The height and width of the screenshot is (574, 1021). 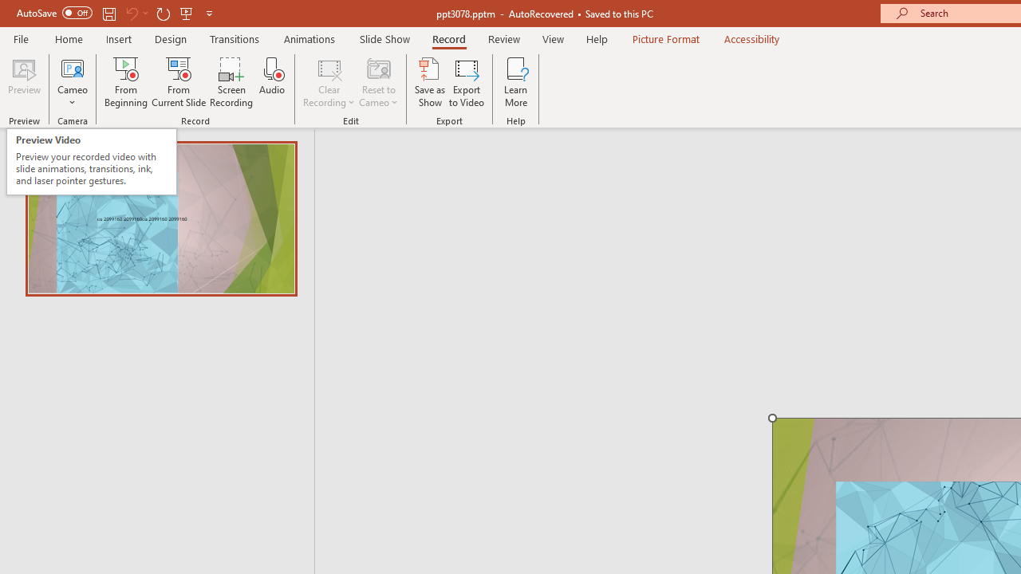 I want to click on 'Audio', so click(x=272, y=82).